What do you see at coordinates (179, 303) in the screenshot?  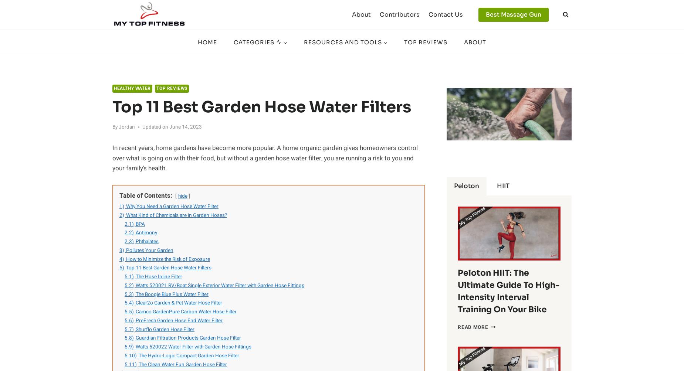 I see `'Clear2o Garden & Pet Water Hose Filter'` at bounding box center [179, 303].